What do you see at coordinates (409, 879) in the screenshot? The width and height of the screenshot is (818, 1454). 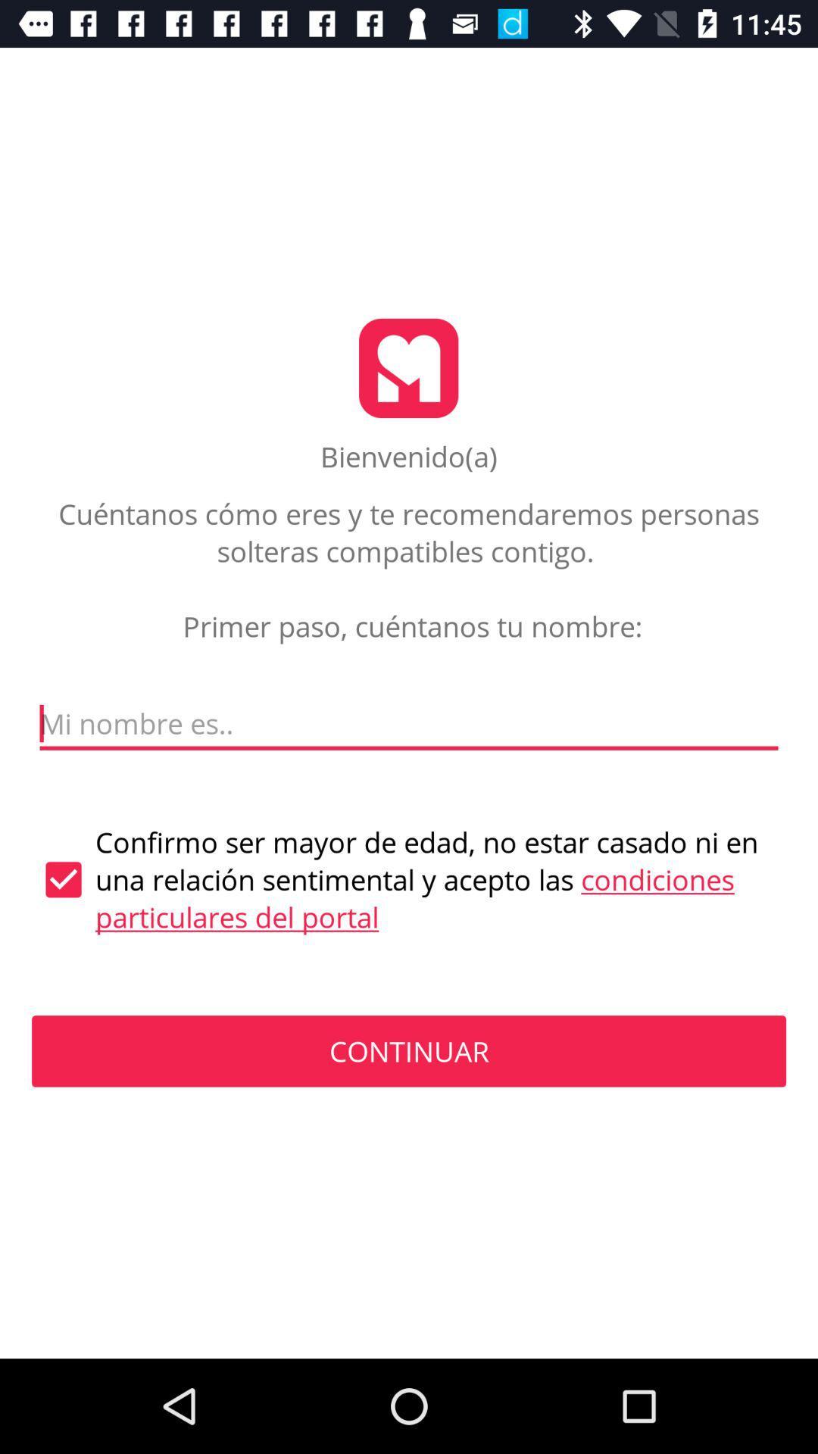 I see `the confirmo ser mayor item` at bounding box center [409, 879].